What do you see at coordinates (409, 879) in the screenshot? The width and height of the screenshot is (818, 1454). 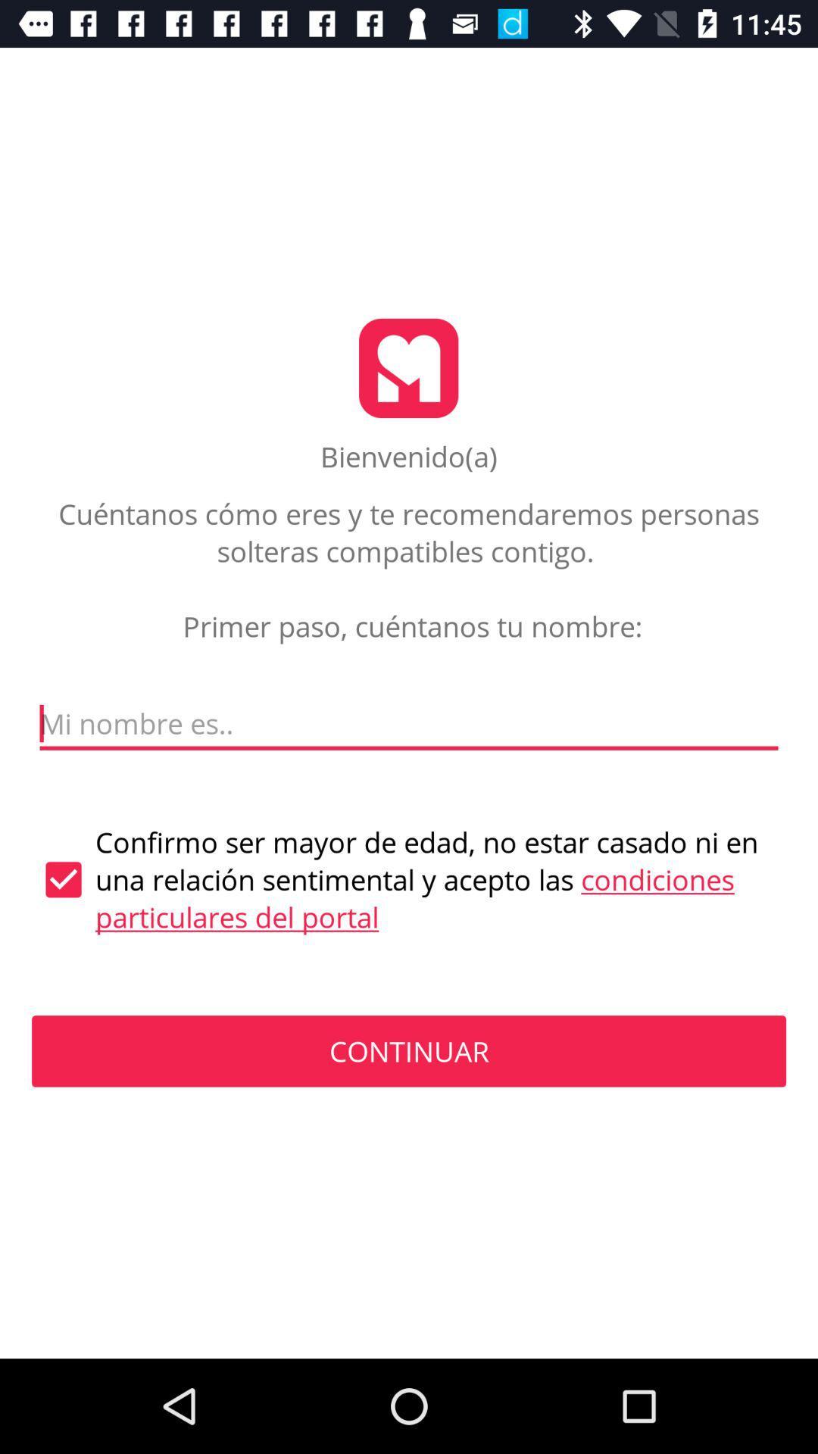 I see `the confirmo ser mayor item` at bounding box center [409, 879].